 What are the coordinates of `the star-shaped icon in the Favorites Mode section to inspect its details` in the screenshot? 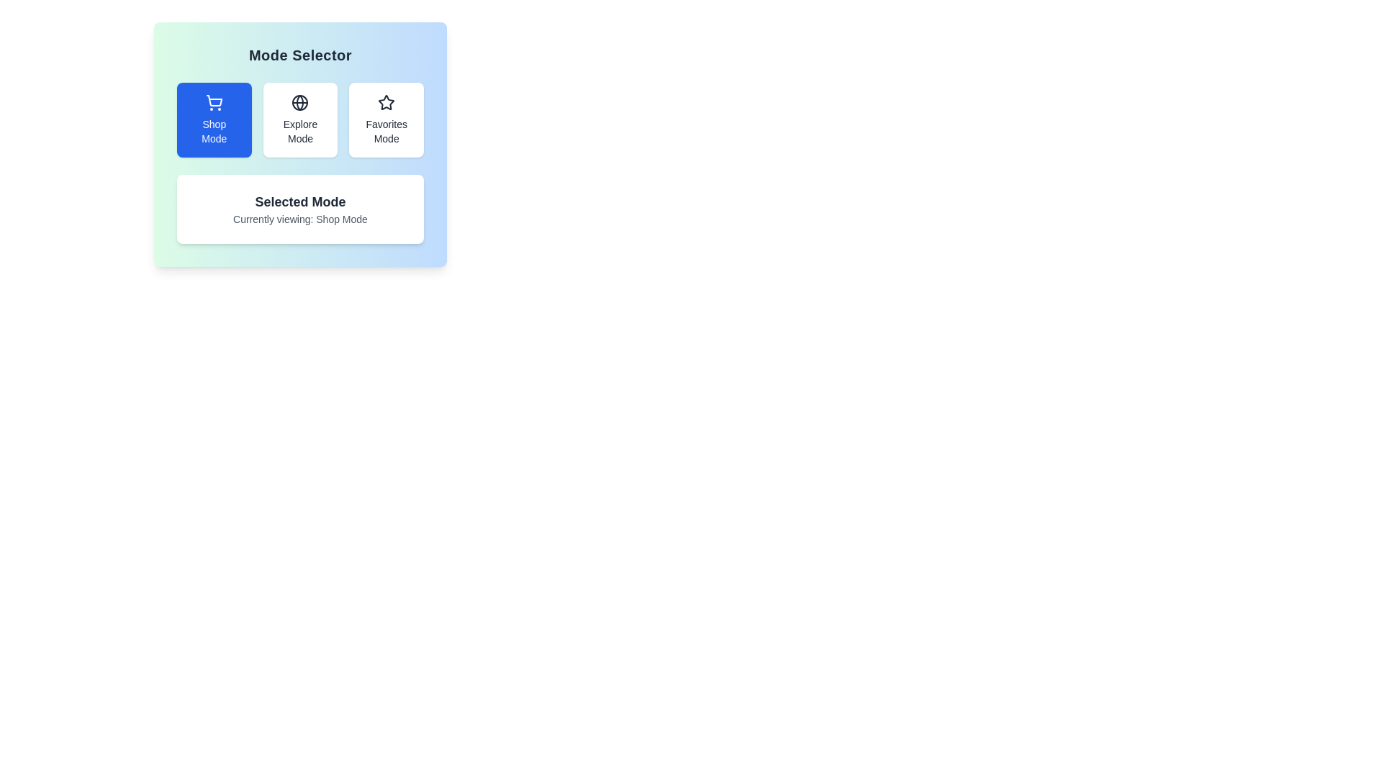 It's located at (387, 101).